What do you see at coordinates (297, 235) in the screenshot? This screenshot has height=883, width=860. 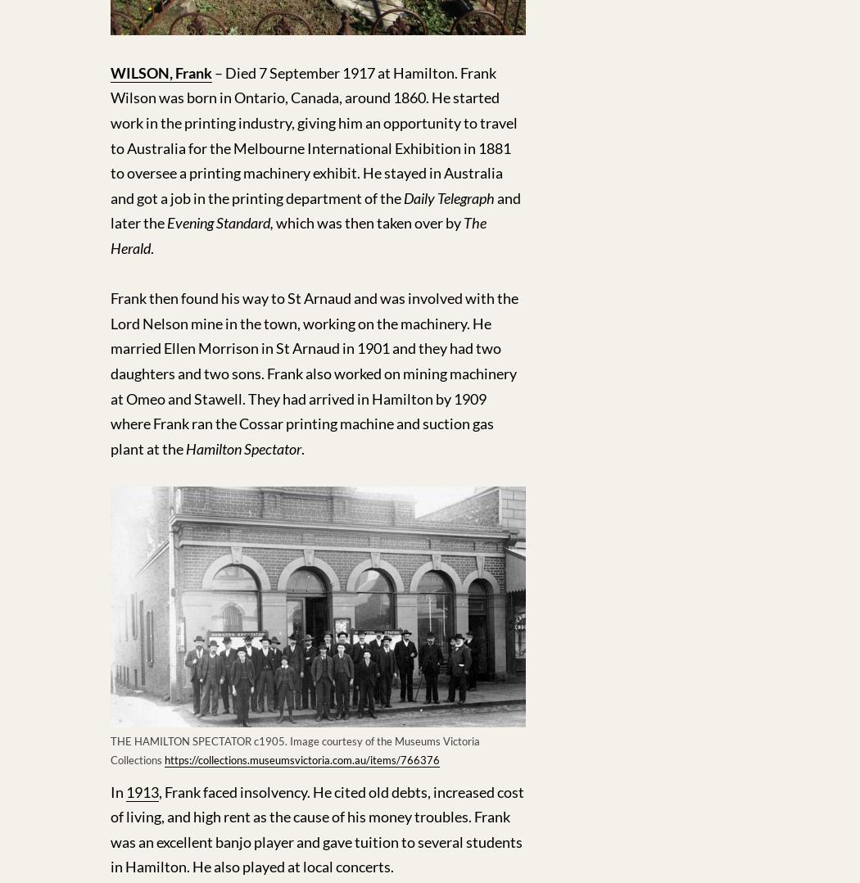 I see `'The Herald'` at bounding box center [297, 235].